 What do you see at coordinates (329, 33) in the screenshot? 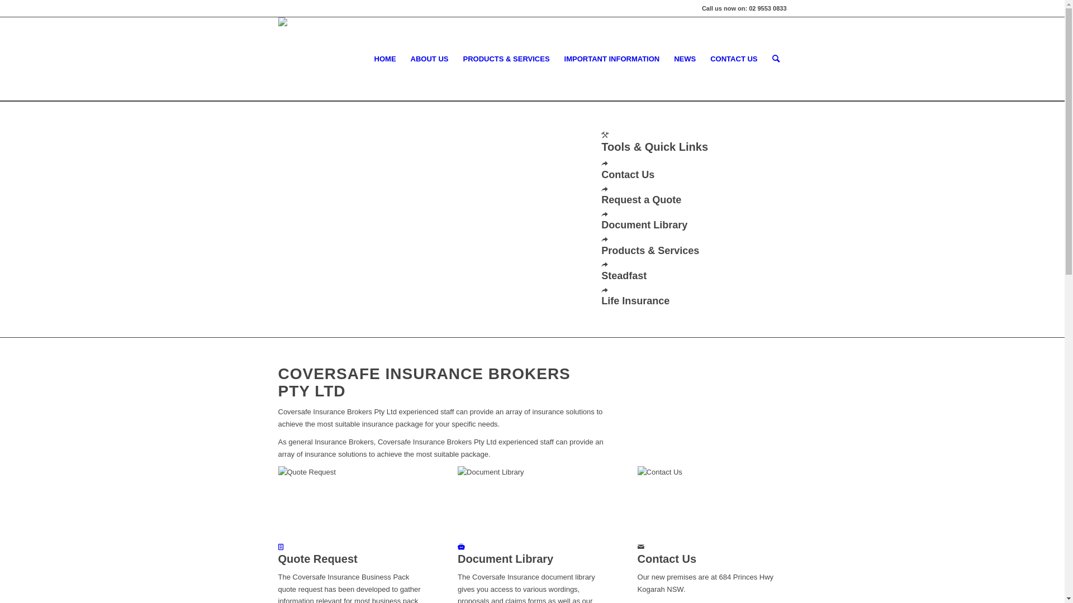
I see `'Coversafe-logo-header-01'` at bounding box center [329, 33].